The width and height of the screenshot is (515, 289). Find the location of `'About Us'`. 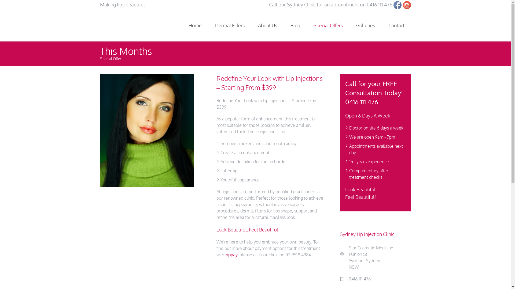

'About Us' is located at coordinates (267, 25).